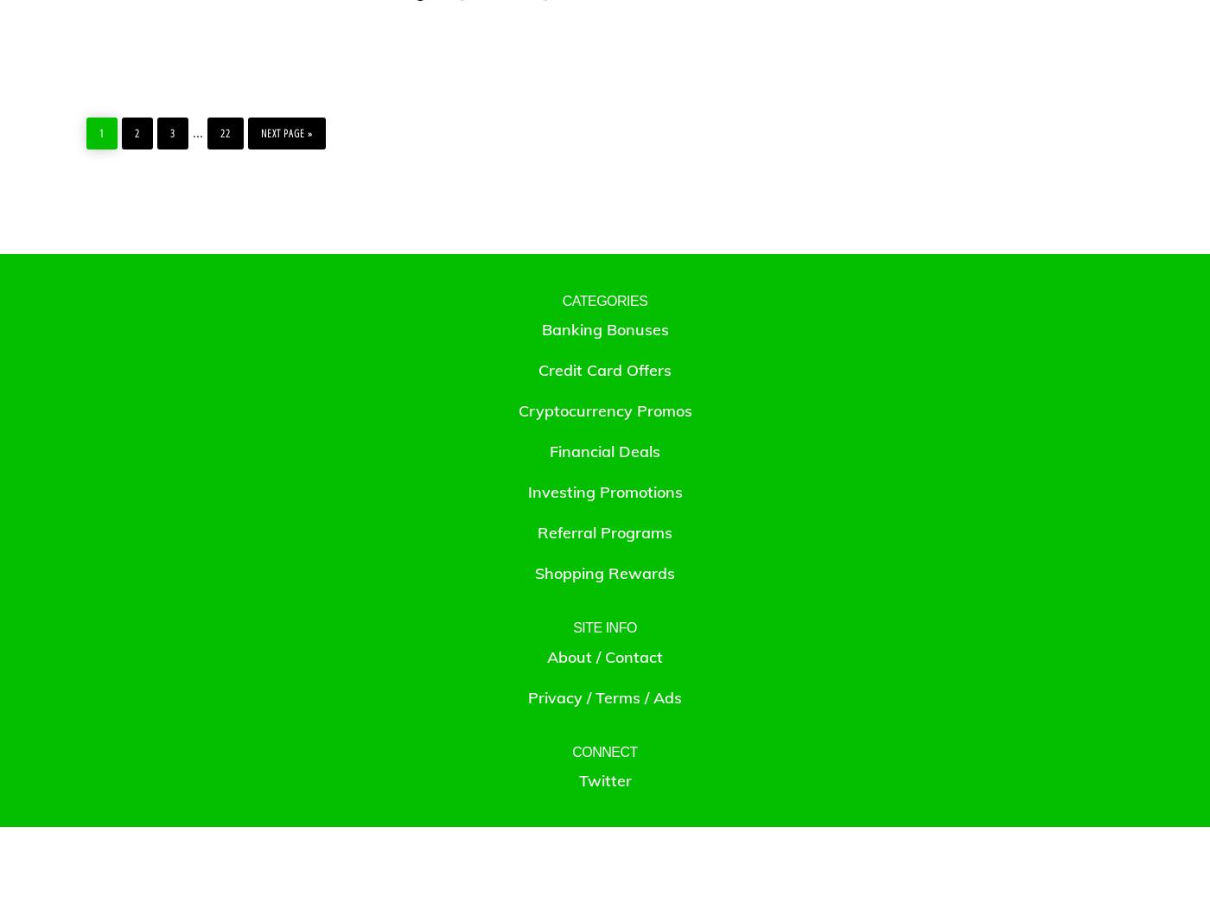 This screenshot has width=1210, height=903. Describe the element at coordinates (527, 696) in the screenshot. I see `'Privacy / Terms / Ads'` at that location.